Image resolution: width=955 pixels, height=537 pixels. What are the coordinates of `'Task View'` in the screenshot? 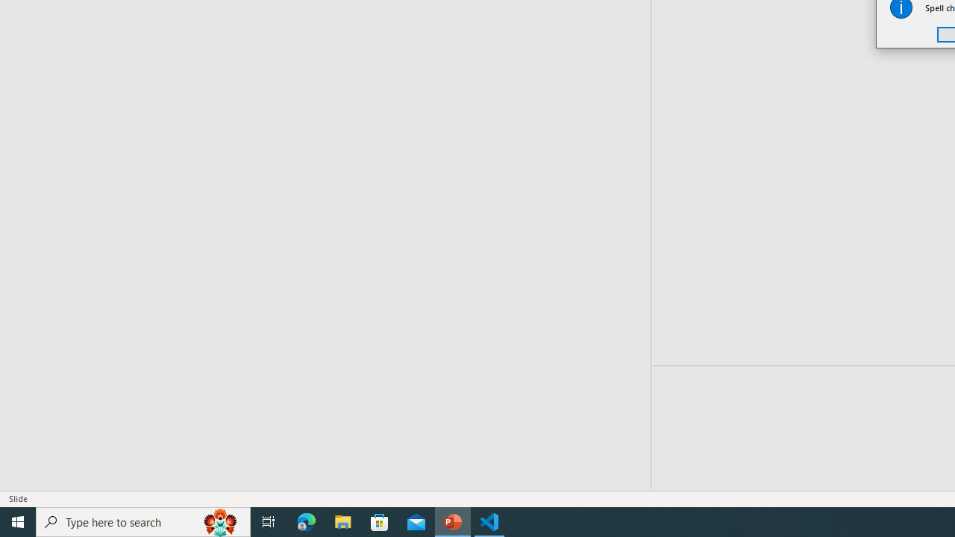 It's located at (268, 521).